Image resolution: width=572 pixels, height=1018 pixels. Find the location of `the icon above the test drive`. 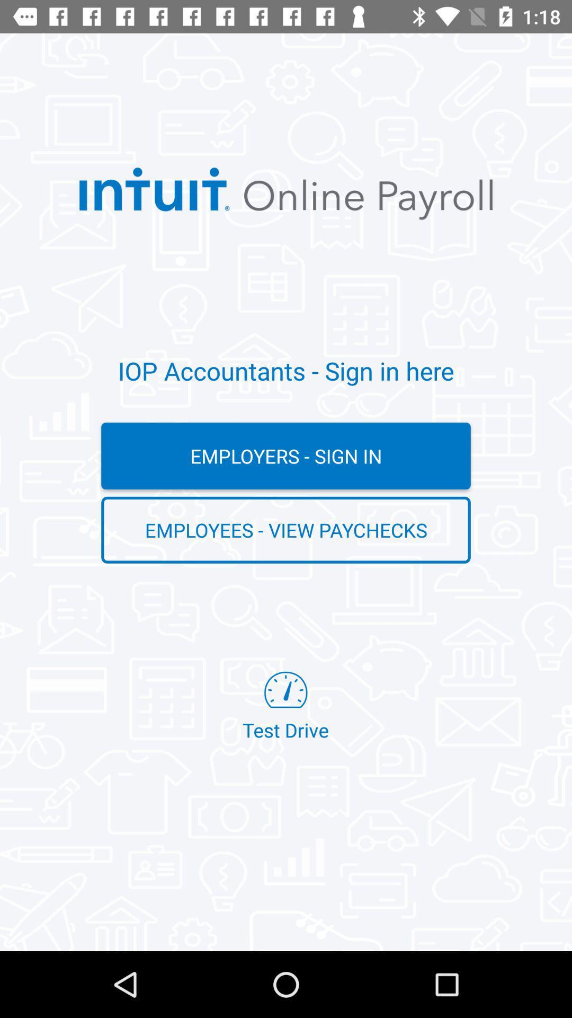

the icon above the test drive is located at coordinates (286, 530).